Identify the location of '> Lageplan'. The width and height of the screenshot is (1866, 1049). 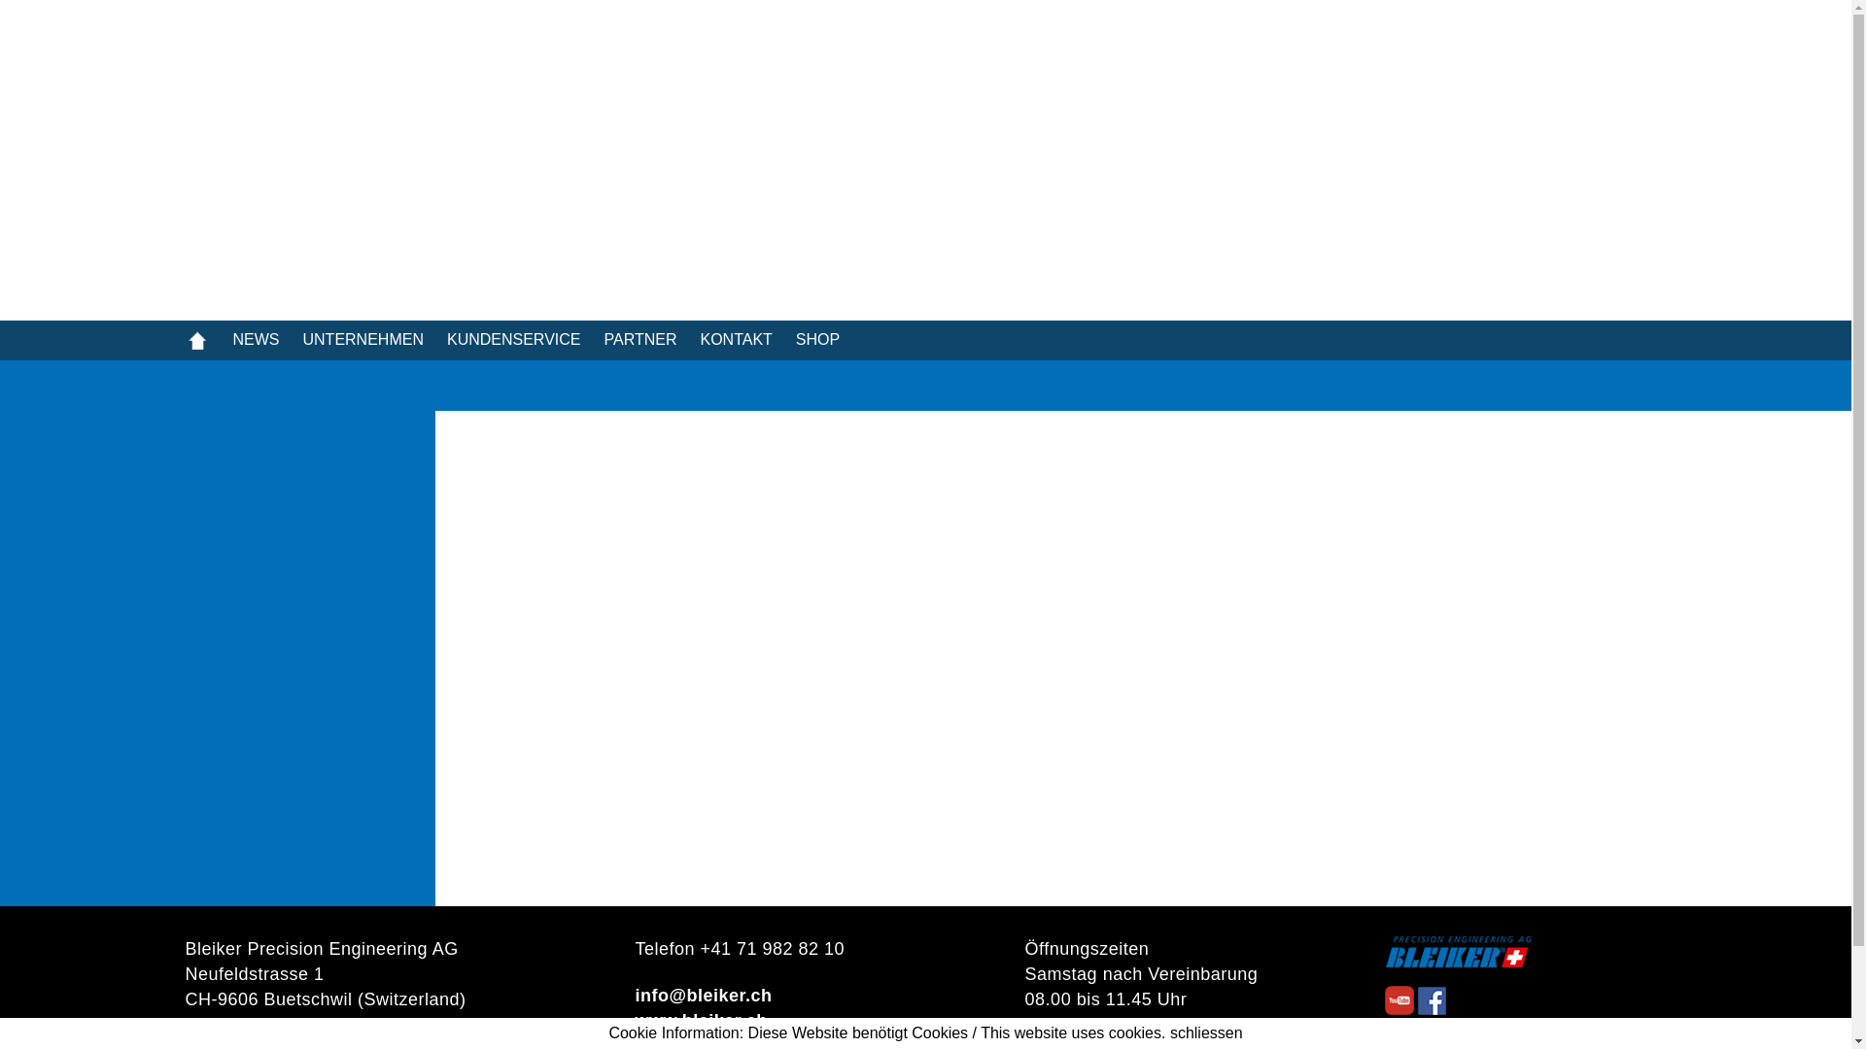
(185, 1024).